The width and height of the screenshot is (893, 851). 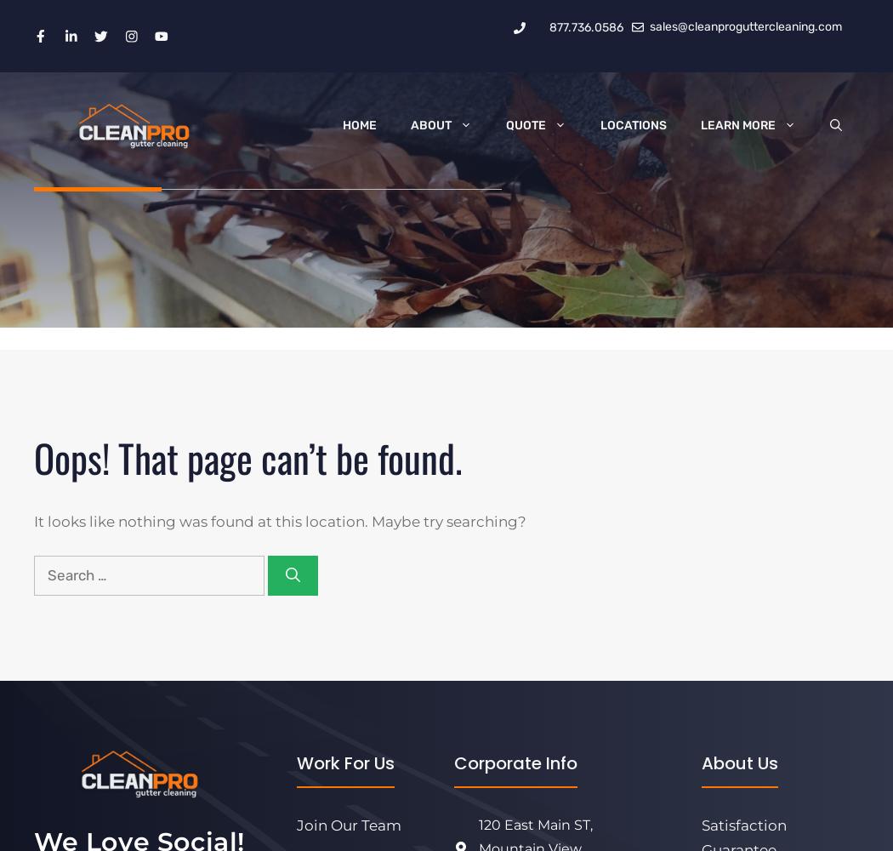 What do you see at coordinates (345, 763) in the screenshot?
I see `'Work For Us'` at bounding box center [345, 763].